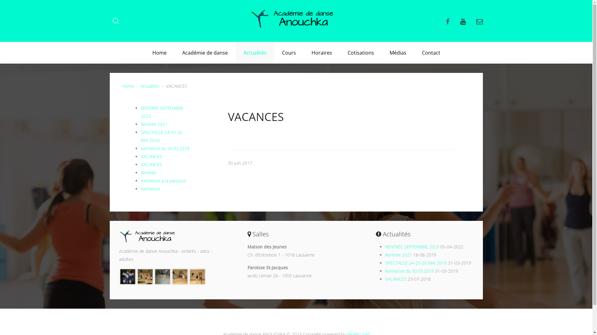 Image resolution: width=597 pixels, height=335 pixels. I want to click on 'Home', so click(159, 52).